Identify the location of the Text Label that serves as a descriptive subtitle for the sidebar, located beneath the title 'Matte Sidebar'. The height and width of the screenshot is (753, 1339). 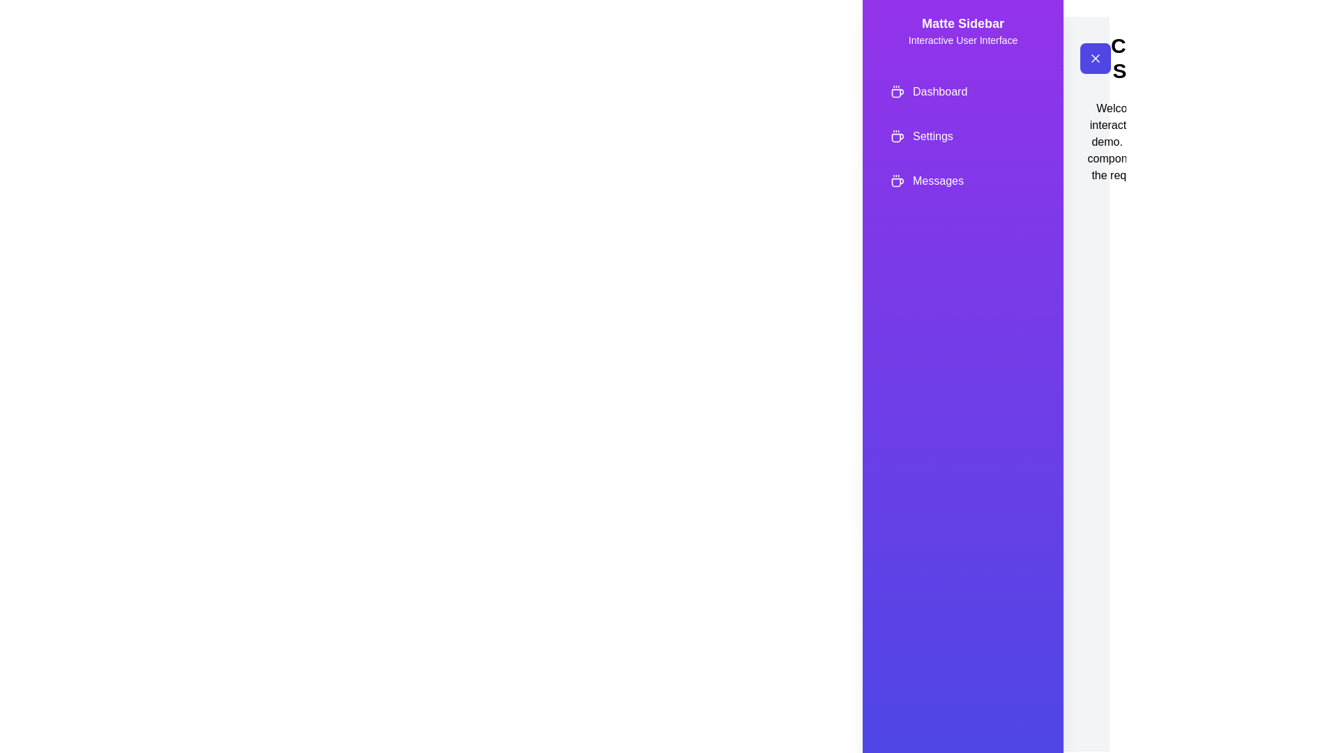
(962, 39).